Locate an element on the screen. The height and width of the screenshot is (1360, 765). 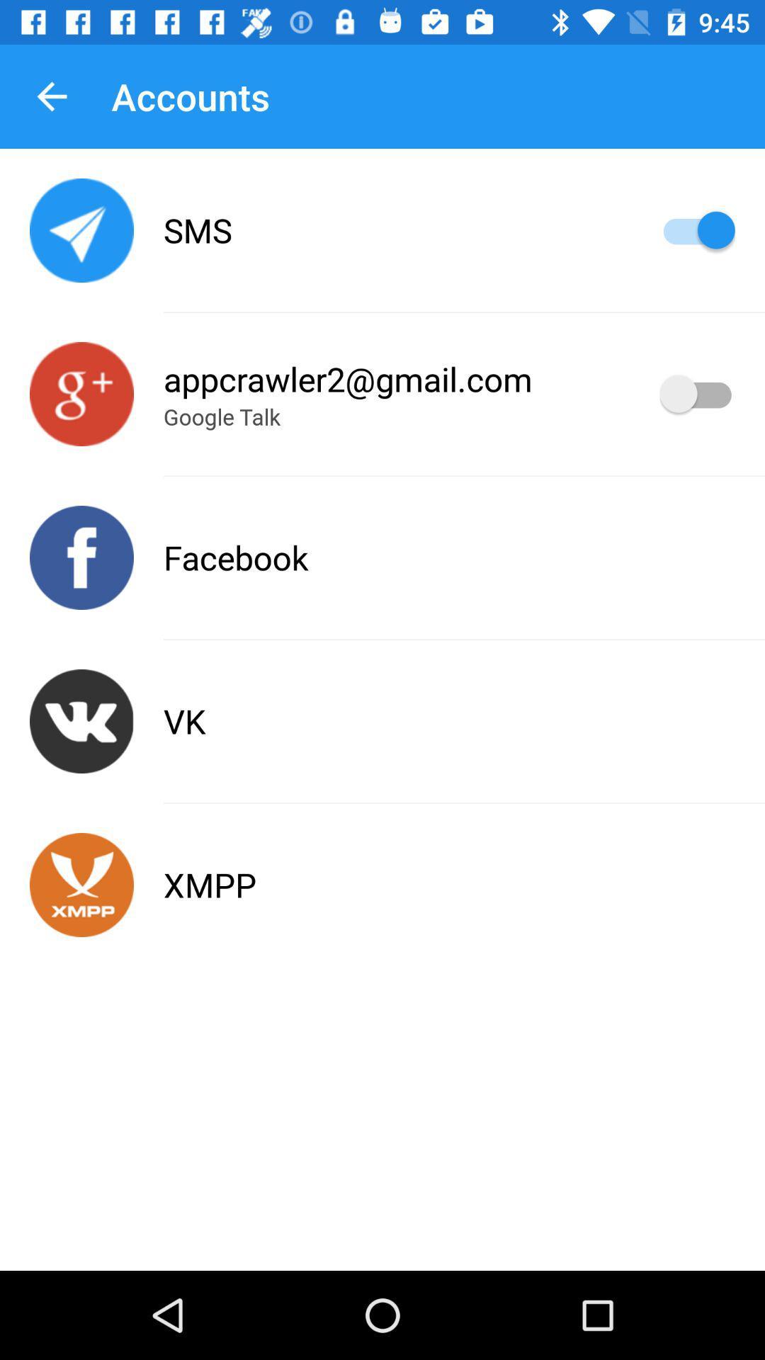
selection is located at coordinates (696, 394).